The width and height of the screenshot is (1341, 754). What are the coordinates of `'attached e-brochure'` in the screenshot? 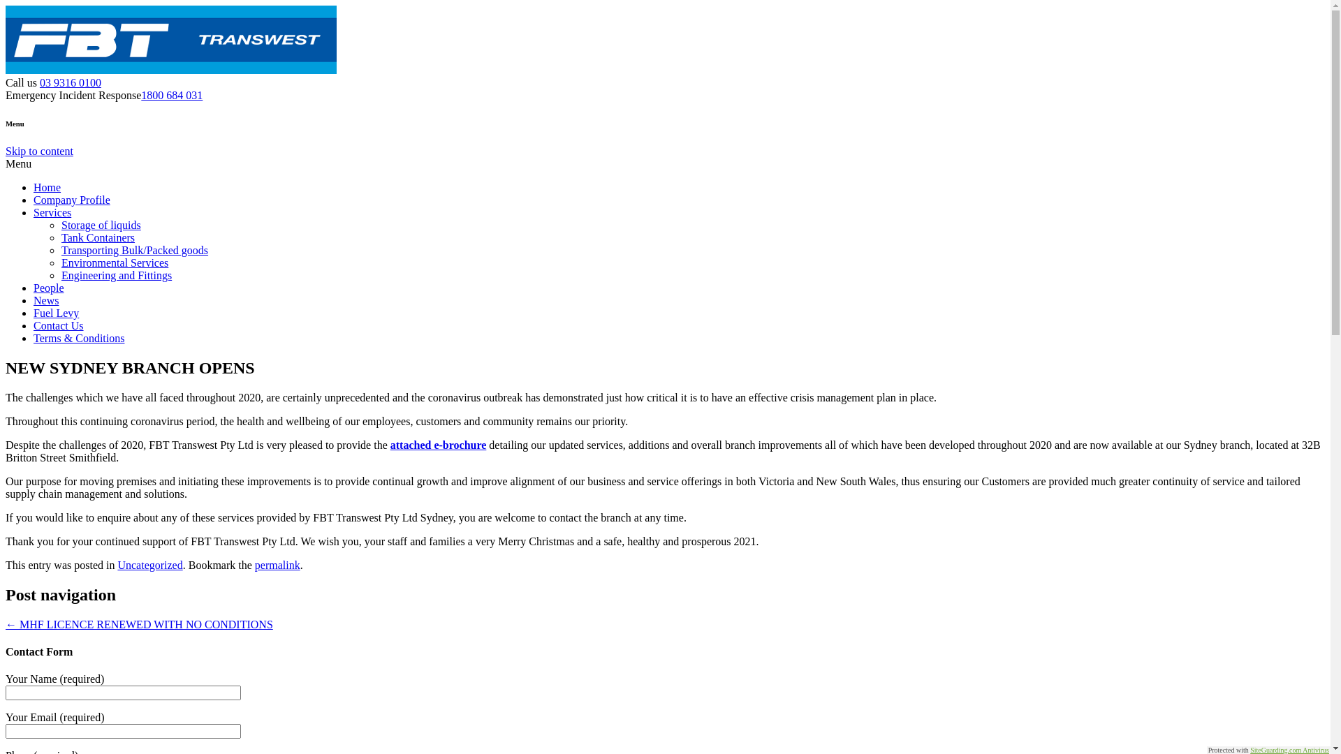 It's located at (438, 445).